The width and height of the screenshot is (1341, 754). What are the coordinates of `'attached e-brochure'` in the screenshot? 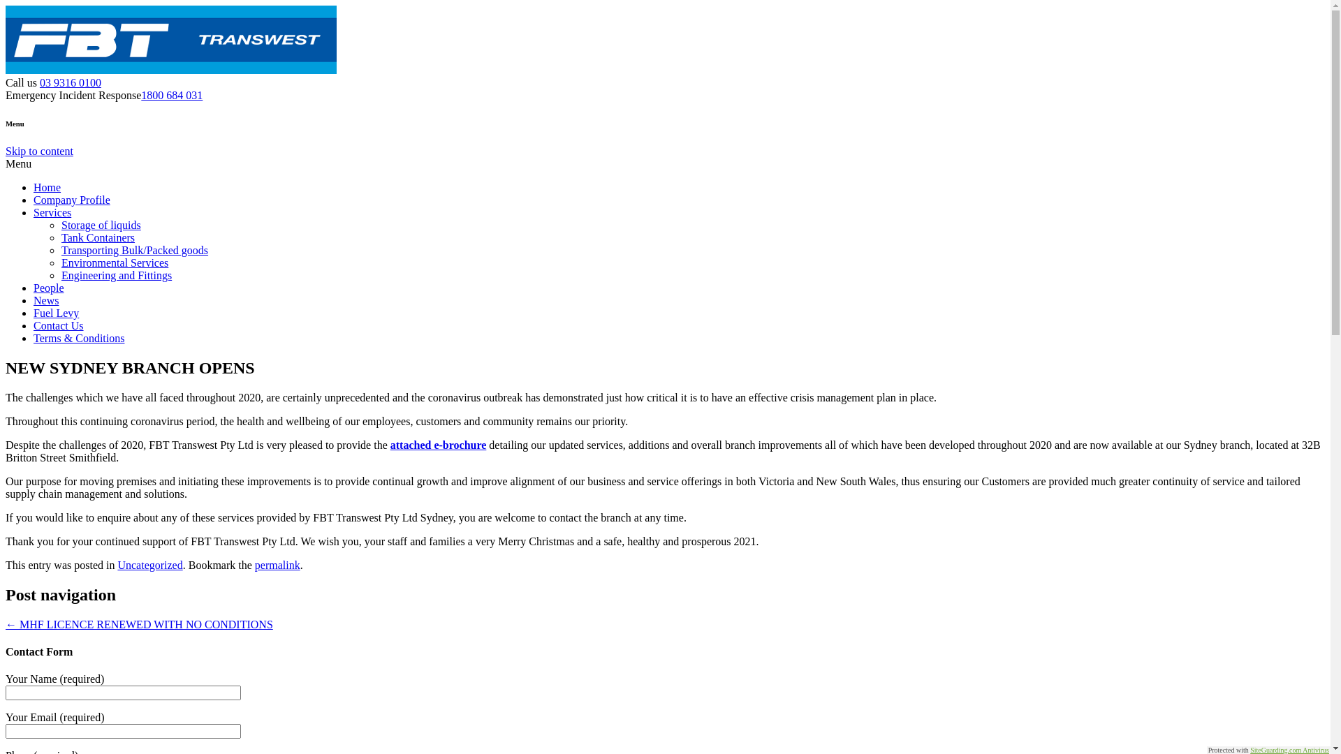 It's located at (438, 445).